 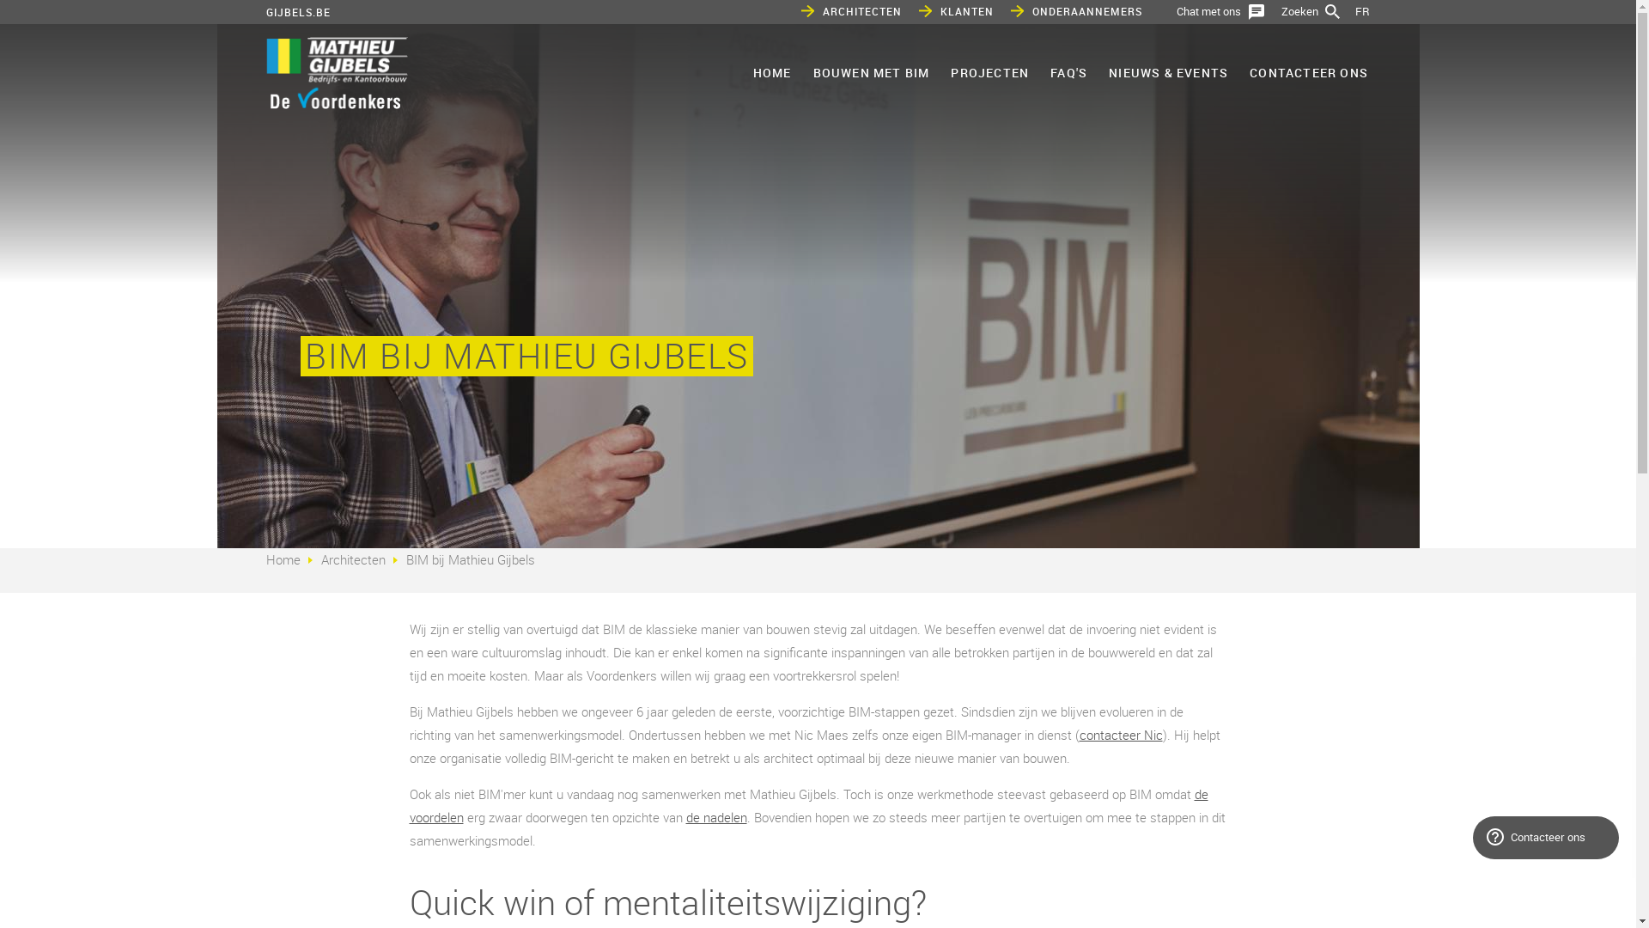 What do you see at coordinates (1120, 735) in the screenshot?
I see `'contacteer Nic'` at bounding box center [1120, 735].